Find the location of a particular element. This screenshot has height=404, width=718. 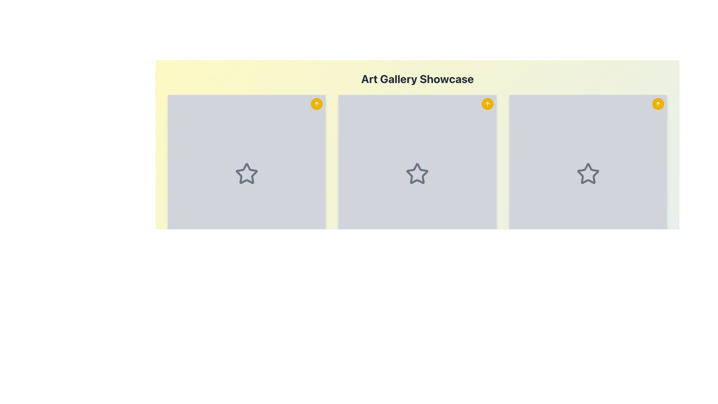

the third star icon under the heading 'Art Gallery Showcase' to interact with or select it is located at coordinates (587, 173).